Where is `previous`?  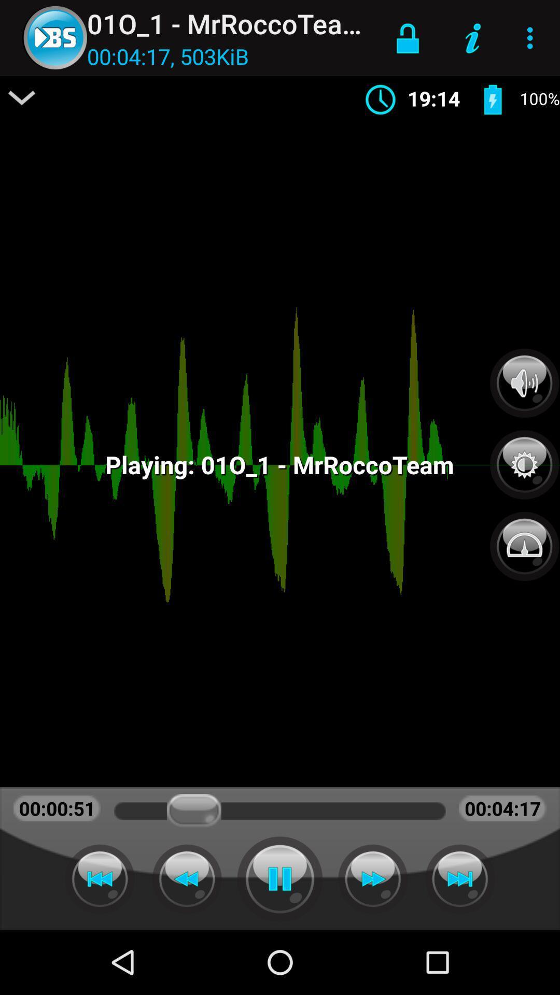
previous is located at coordinates (100, 878).